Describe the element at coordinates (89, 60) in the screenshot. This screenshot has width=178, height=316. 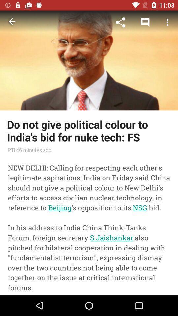
I see `image` at that location.